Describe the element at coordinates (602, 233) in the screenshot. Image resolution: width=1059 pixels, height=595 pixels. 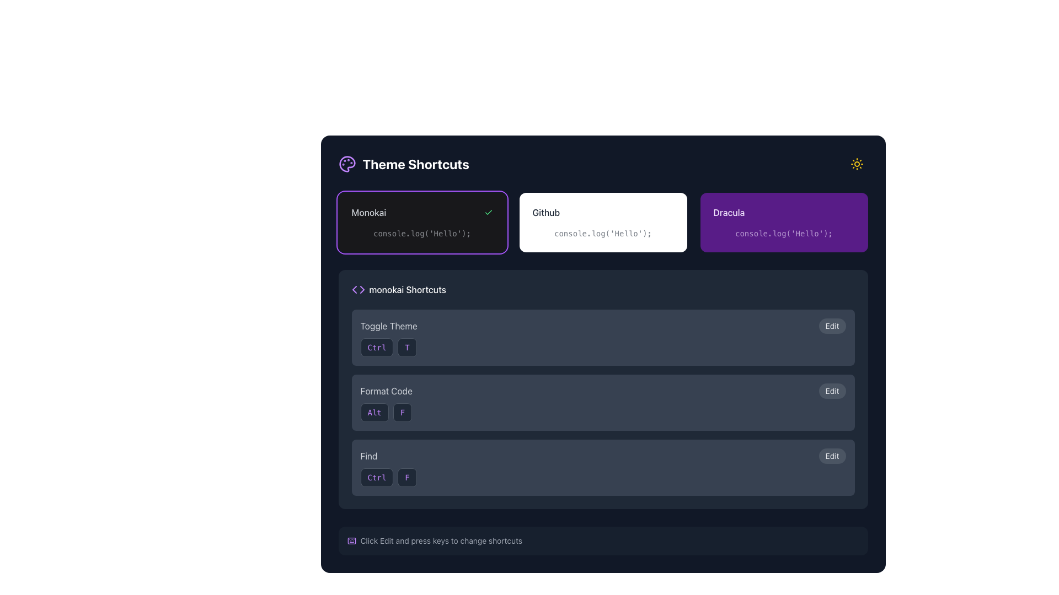
I see `the static text block that serves as a preview of a code snippet associated with the 'Github' theme, located inside a white rectangle beneath the 'Github' heading` at that location.